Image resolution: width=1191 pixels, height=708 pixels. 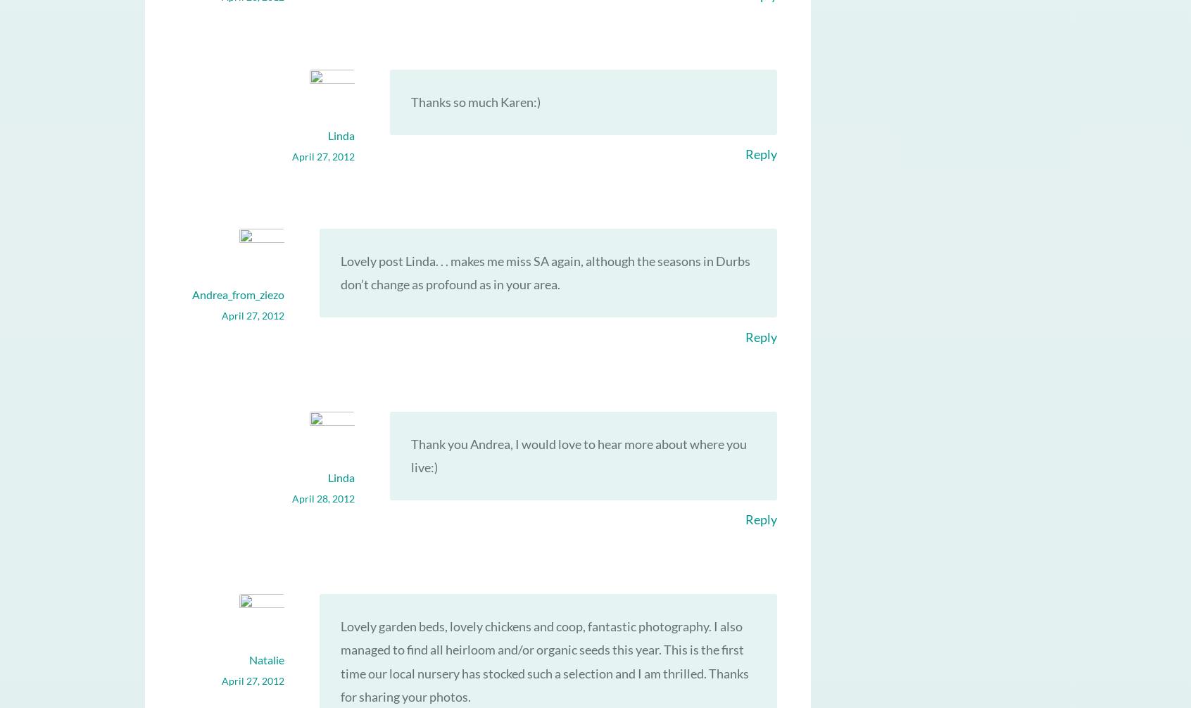 What do you see at coordinates (543, 660) in the screenshot?
I see `'Lovely garden beds, lovely chickens and coop, fantastic photography.  I also managed to find all heirloom and/or organic seeds this year.  This is the first time our local nursery has stocked such a selection and I am thrilled.  Thanks for sharing your photos.'` at bounding box center [543, 660].